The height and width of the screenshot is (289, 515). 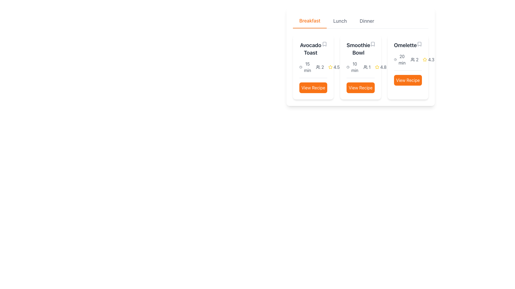 What do you see at coordinates (322, 67) in the screenshot?
I see `the text element displaying '2', which is located next to the user group icon in the 'Avocado Toast' card of the 'Breakfast' section` at bounding box center [322, 67].